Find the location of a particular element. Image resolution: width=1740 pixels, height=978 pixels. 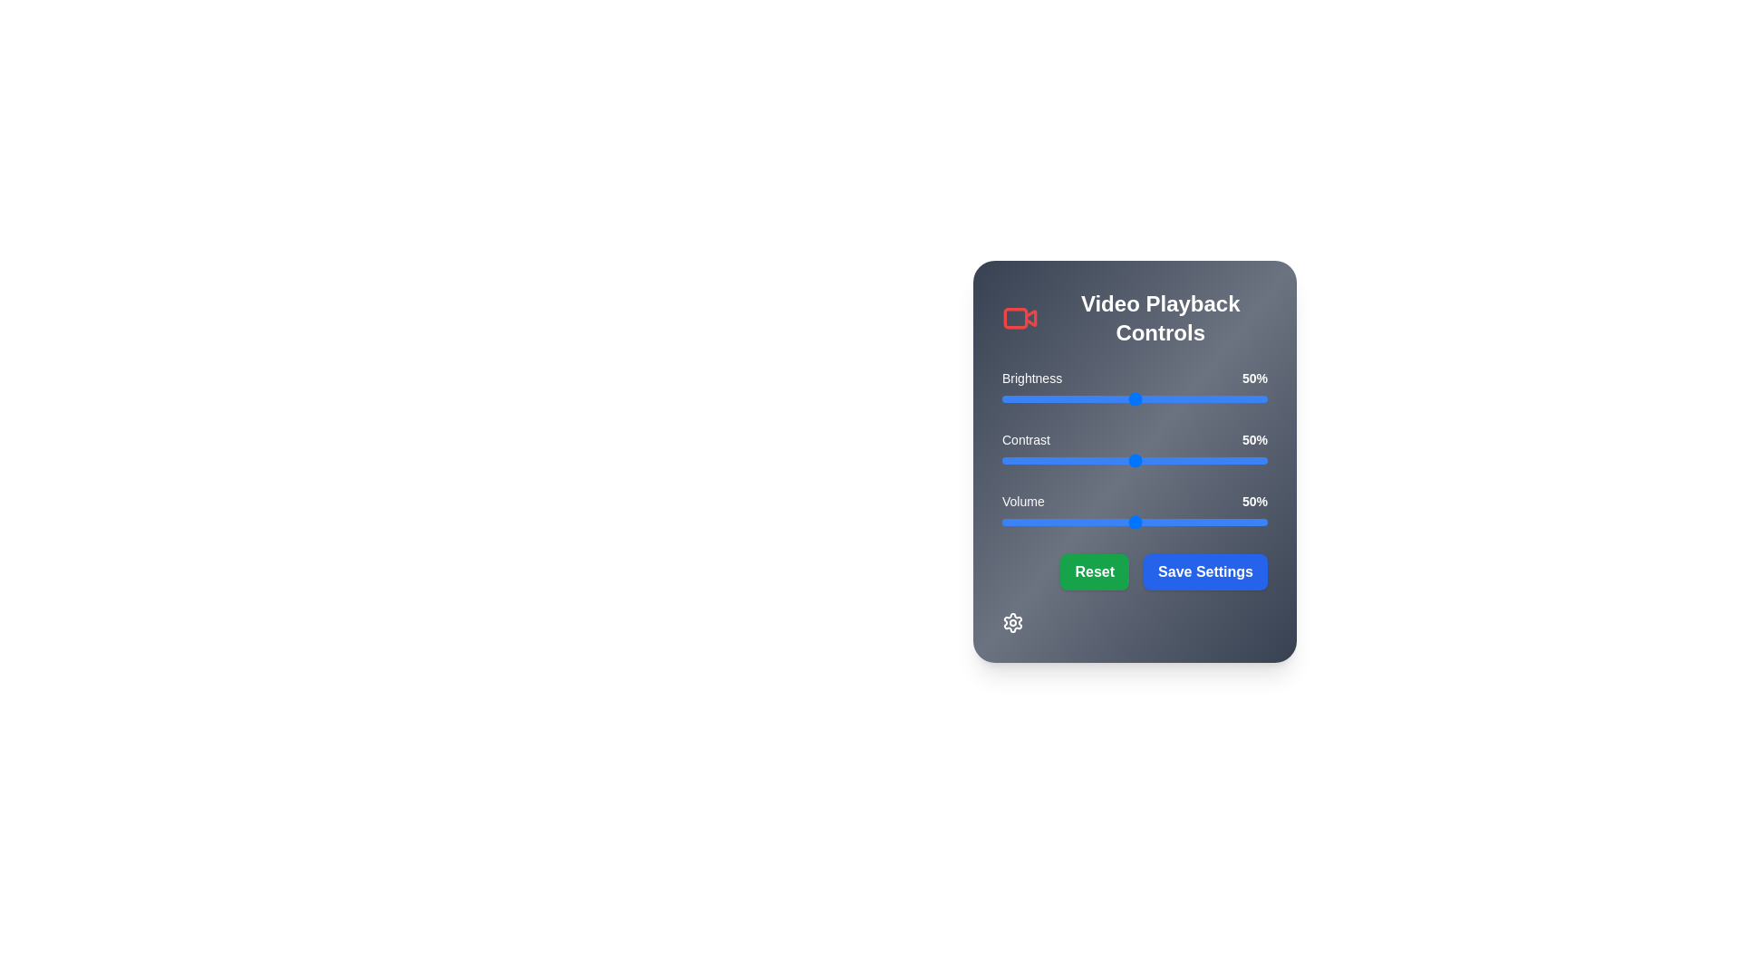

the 'Save Settings' button, which is a rectangular button with white text on a blue background, located at the bottom right of the 'Video Playback Controls' card, immediately to the right of the 'Reset' button is located at coordinates (1204, 572).